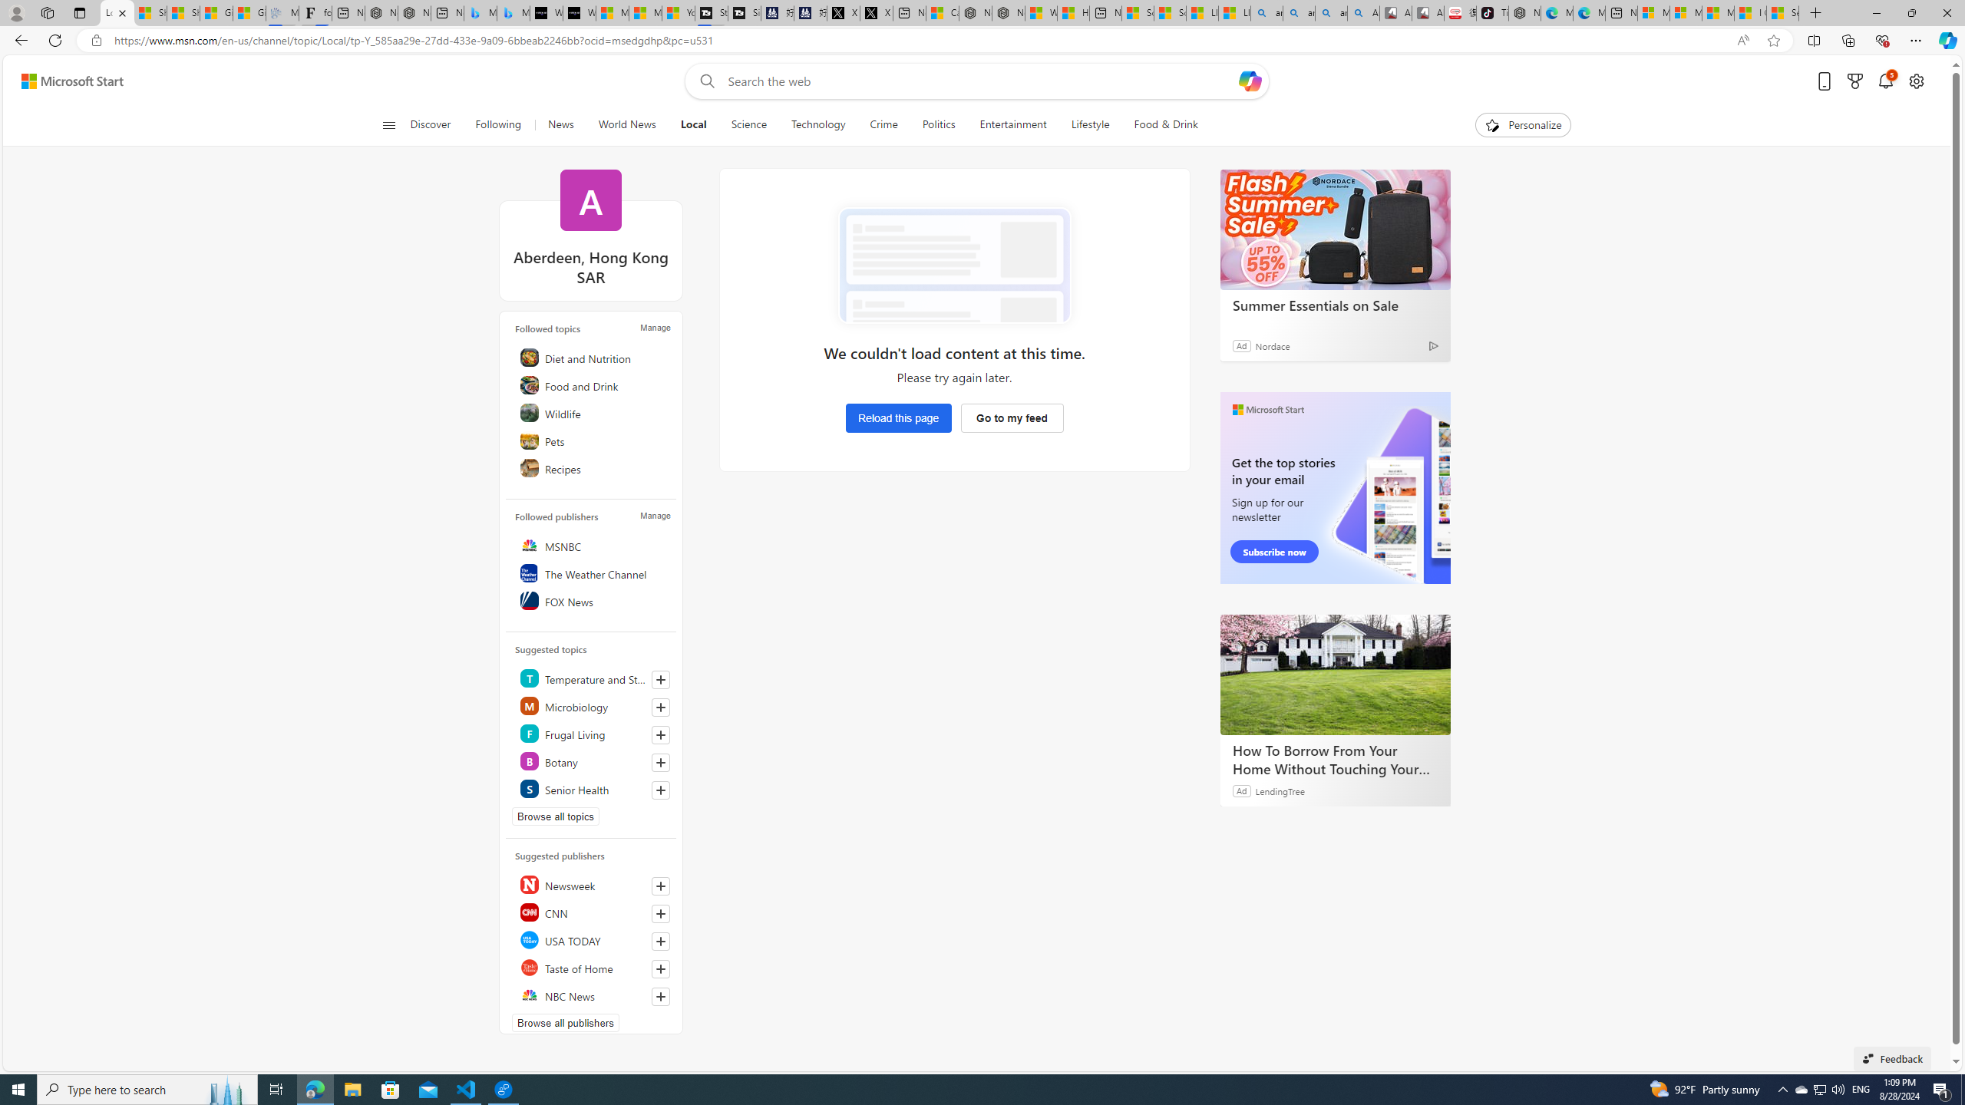  I want to click on 'Subscribe now', so click(1273, 552).